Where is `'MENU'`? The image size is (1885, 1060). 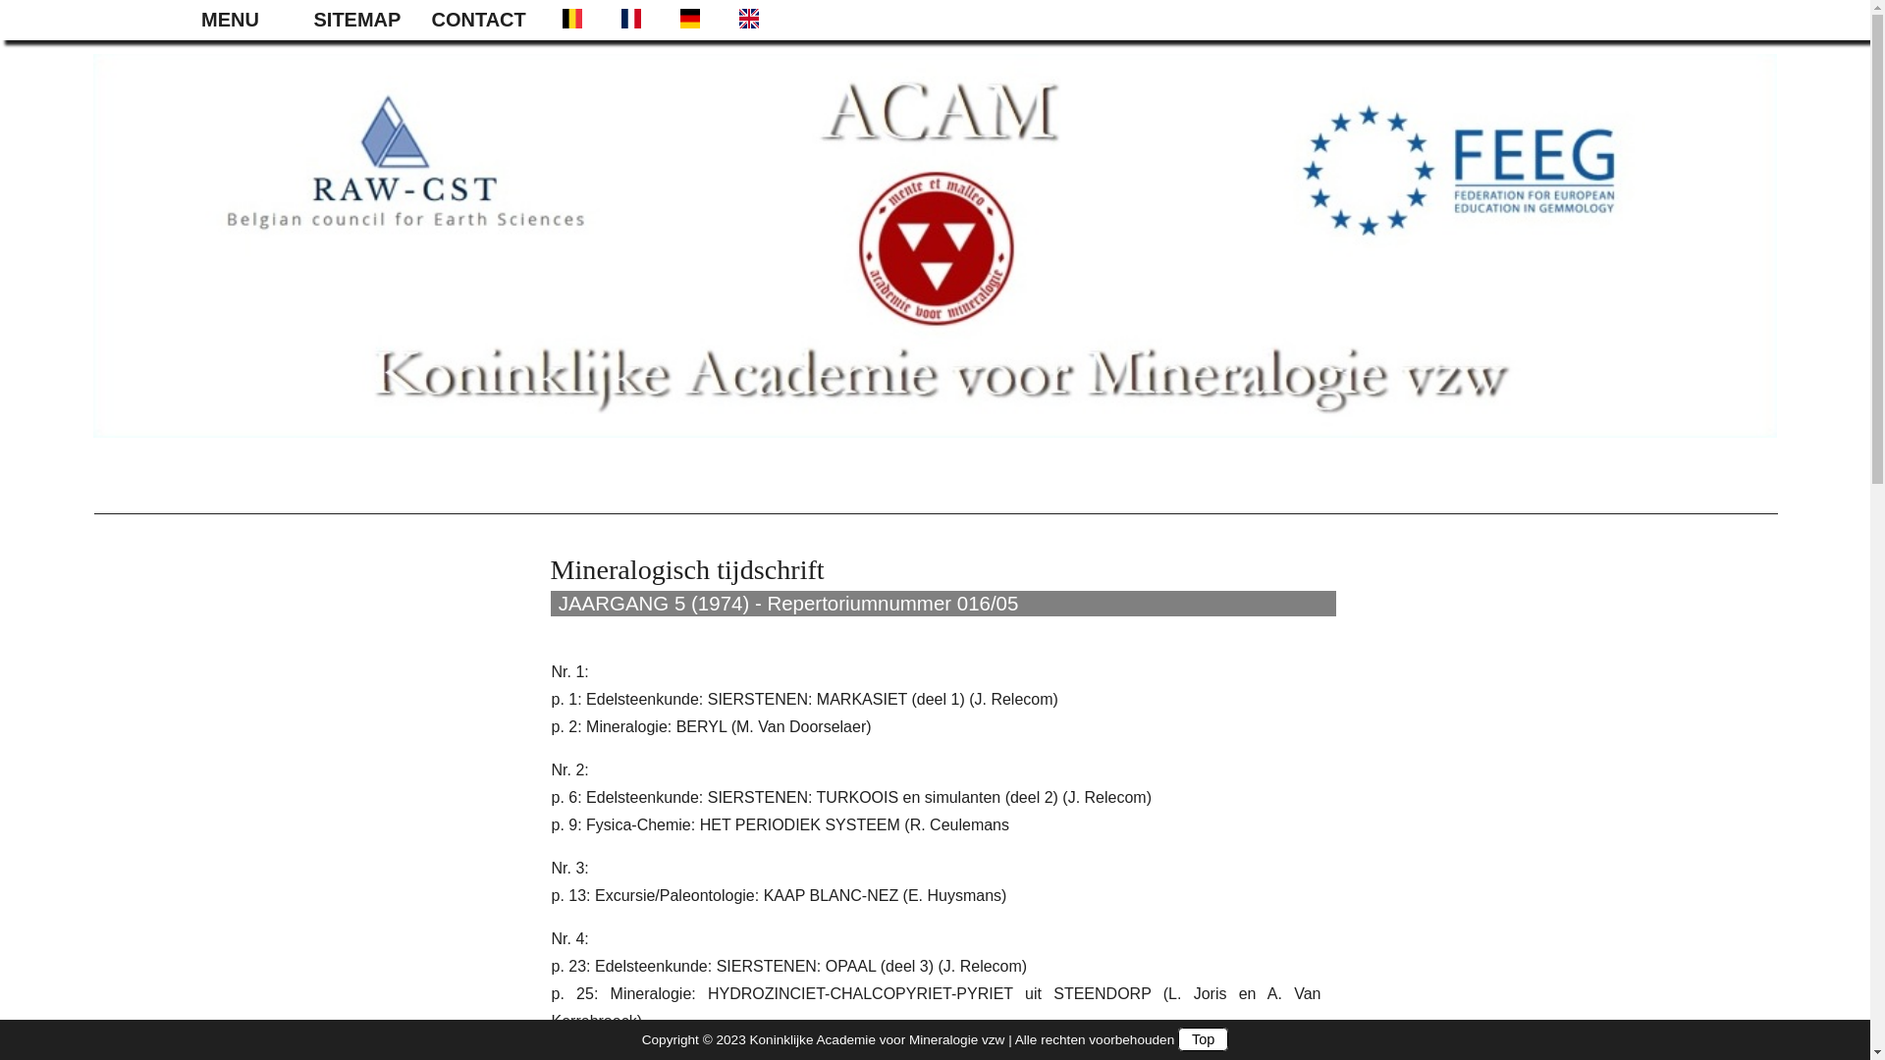
'MENU' is located at coordinates (243, 20).